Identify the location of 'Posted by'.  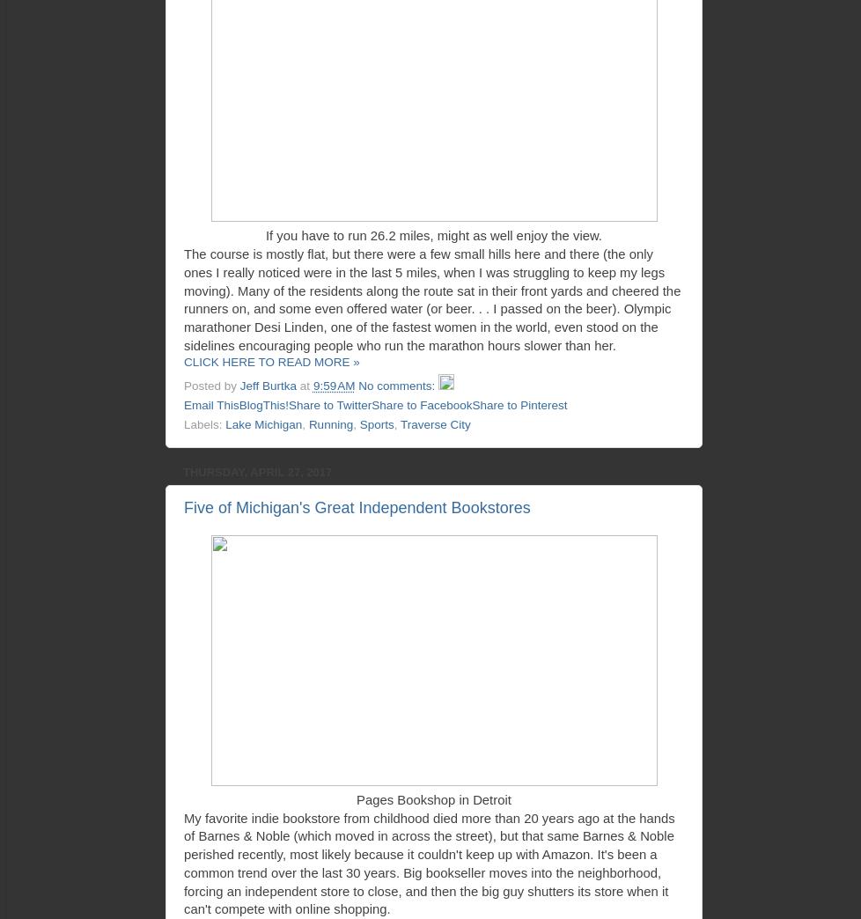
(211, 385).